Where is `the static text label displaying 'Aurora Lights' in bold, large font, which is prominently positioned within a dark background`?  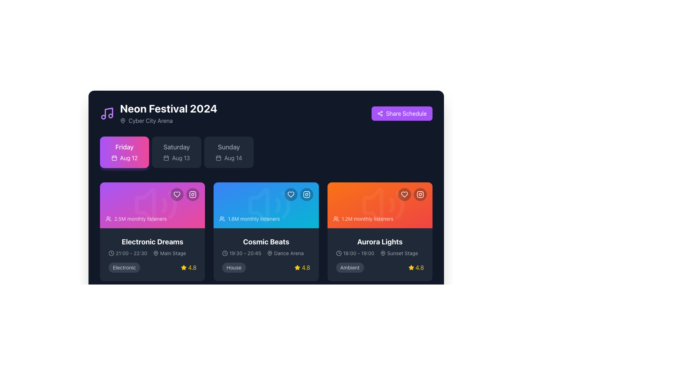 the static text label displaying 'Aurora Lights' in bold, large font, which is prominently positioned within a dark background is located at coordinates (379, 242).